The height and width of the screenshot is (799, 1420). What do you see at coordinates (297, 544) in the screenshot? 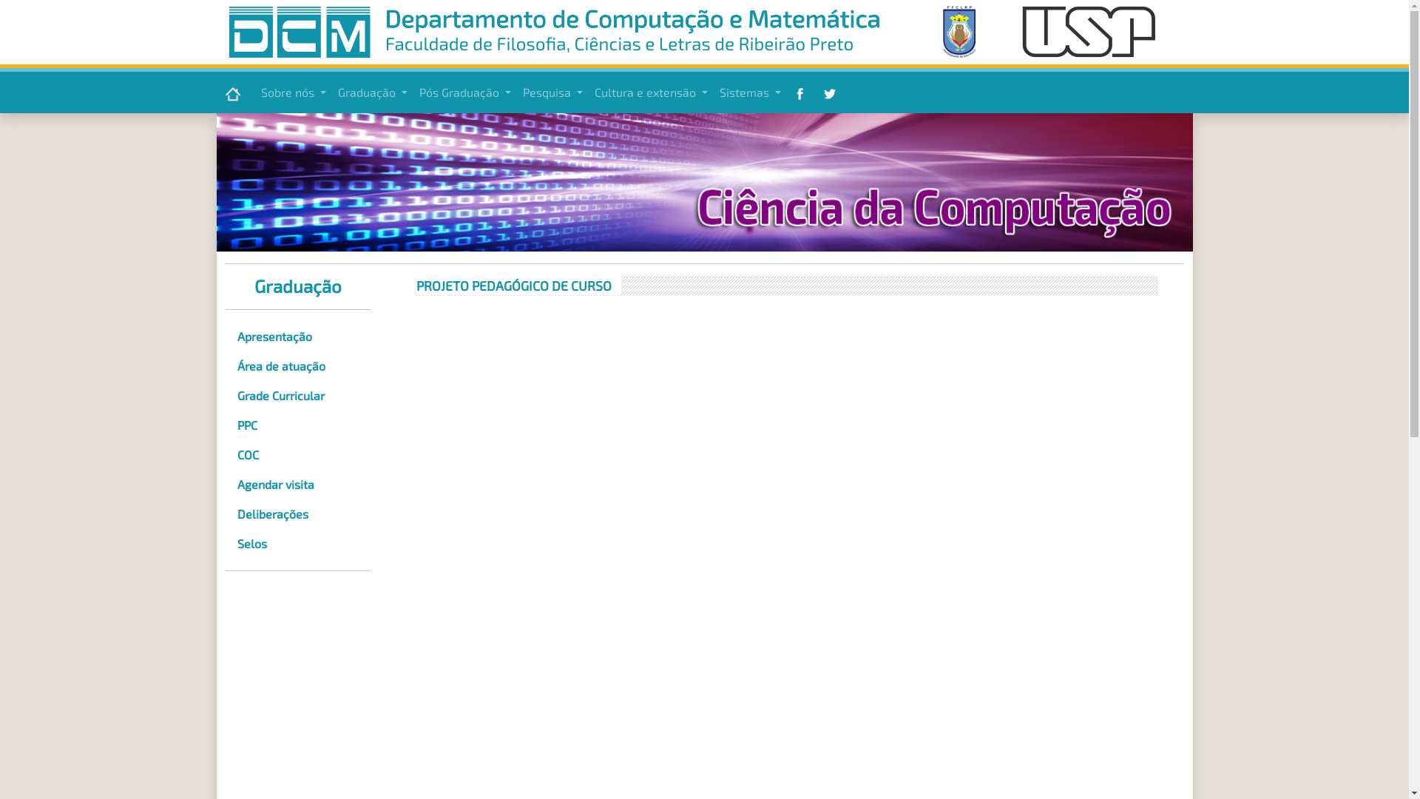
I see `'Selos'` at bounding box center [297, 544].